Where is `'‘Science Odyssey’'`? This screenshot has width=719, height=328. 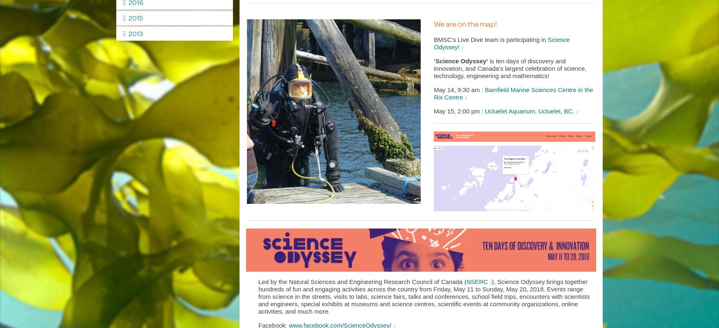
'‘Science Odyssey’' is located at coordinates (461, 60).